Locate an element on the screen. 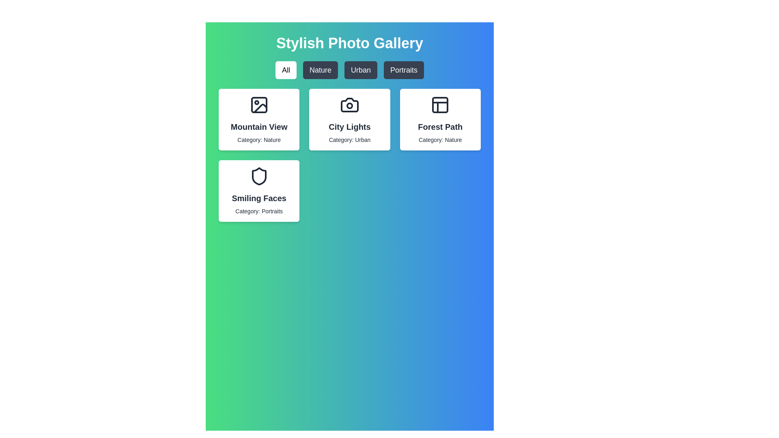  the category filter button for the photo gallery, which is the leftmost button in a row of four buttons is located at coordinates (286, 70).